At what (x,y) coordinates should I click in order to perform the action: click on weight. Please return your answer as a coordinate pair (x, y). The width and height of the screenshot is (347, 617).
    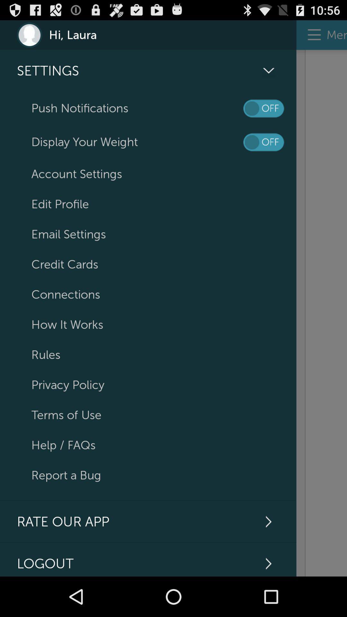
    Looking at the image, I should click on (263, 142).